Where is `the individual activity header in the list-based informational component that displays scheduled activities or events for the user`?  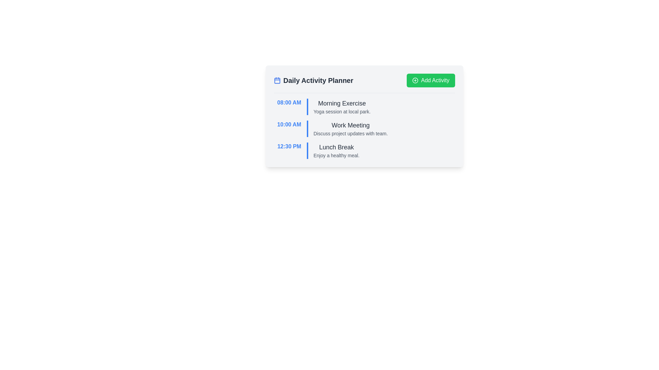
the individual activity header in the list-based informational component that displays scheduled activities or events for the user is located at coordinates (364, 128).